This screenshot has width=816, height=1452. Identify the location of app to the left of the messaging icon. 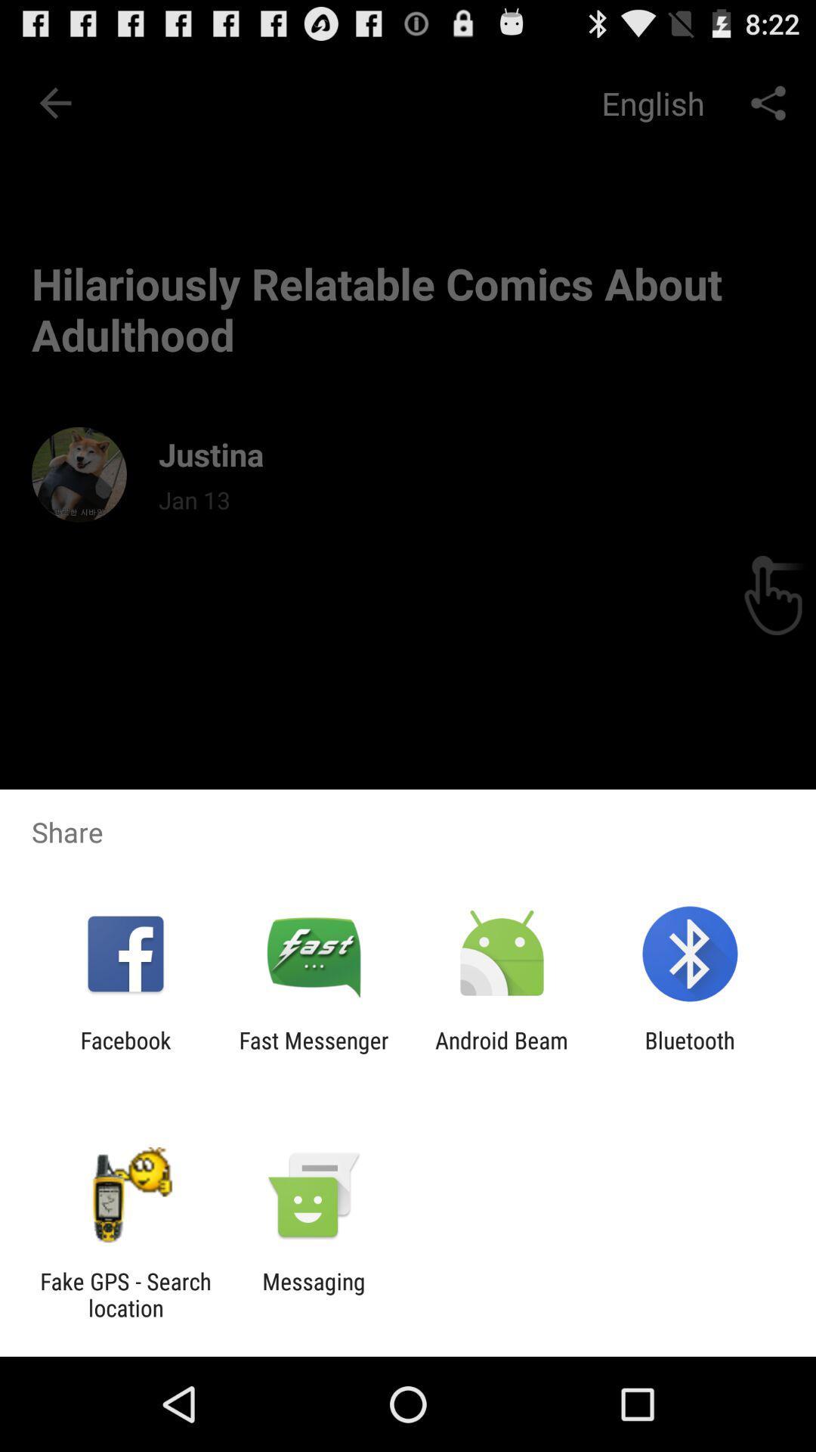
(125, 1294).